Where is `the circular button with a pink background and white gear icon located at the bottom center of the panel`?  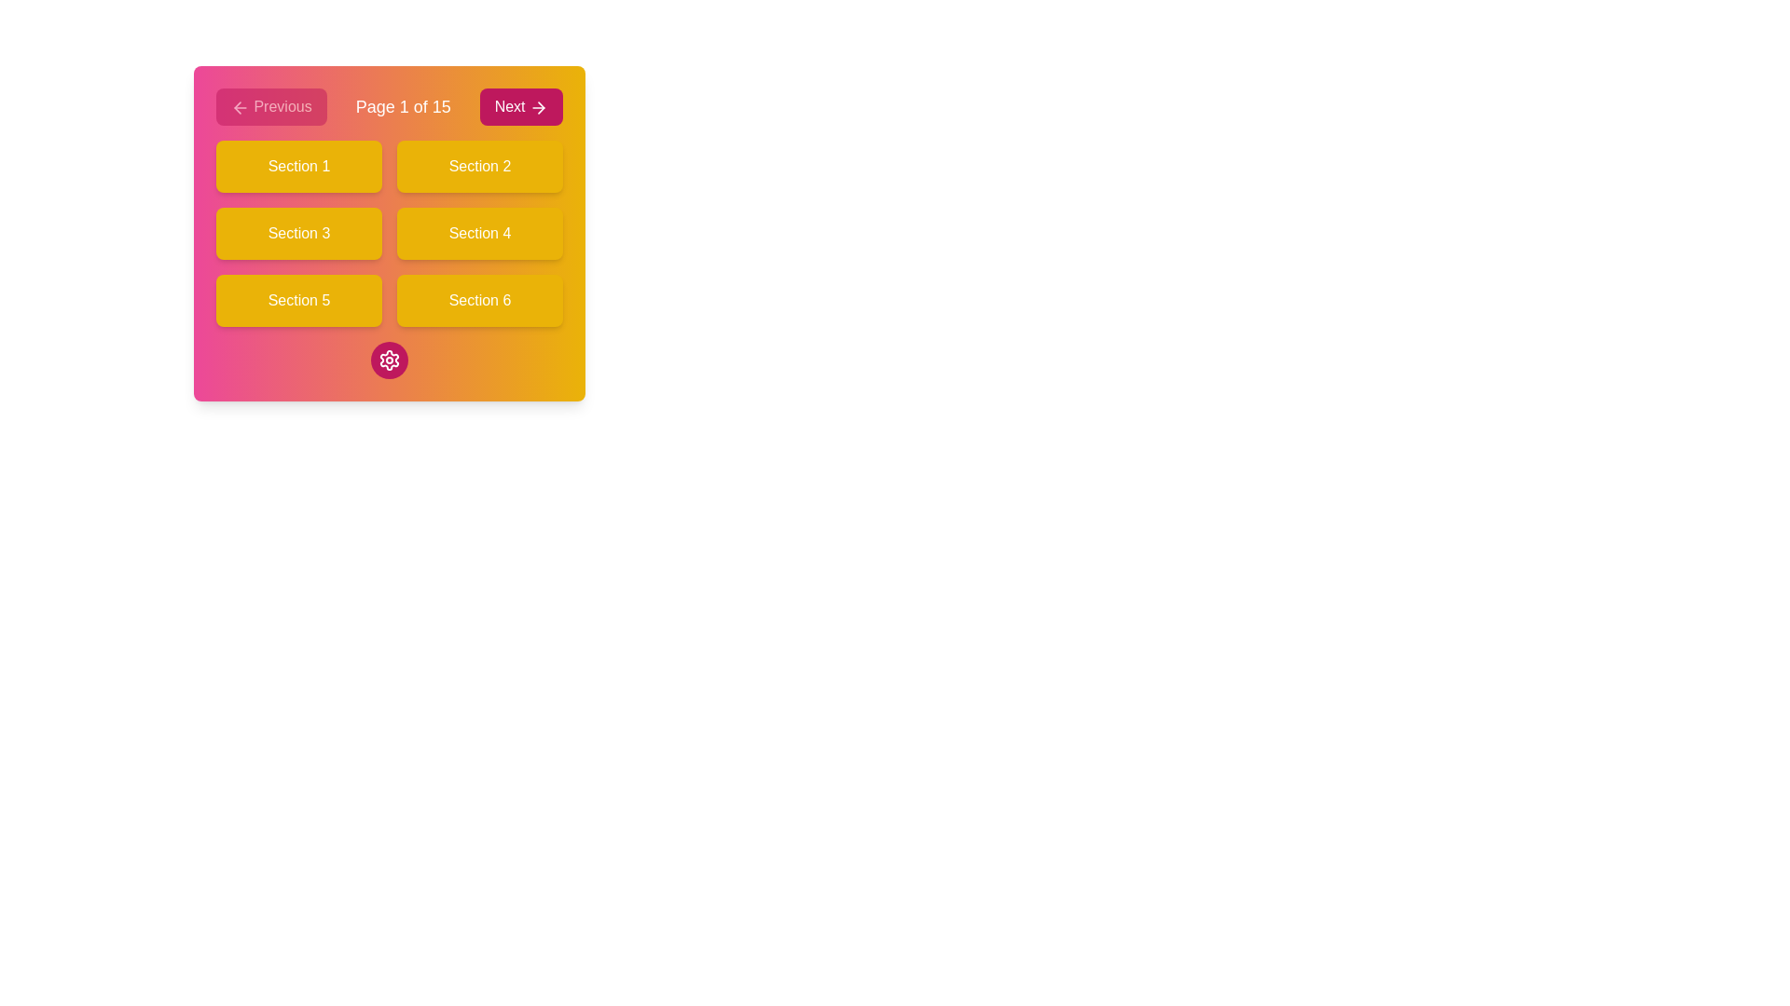
the circular button with a pink background and white gear icon located at the bottom center of the panel is located at coordinates (388, 360).